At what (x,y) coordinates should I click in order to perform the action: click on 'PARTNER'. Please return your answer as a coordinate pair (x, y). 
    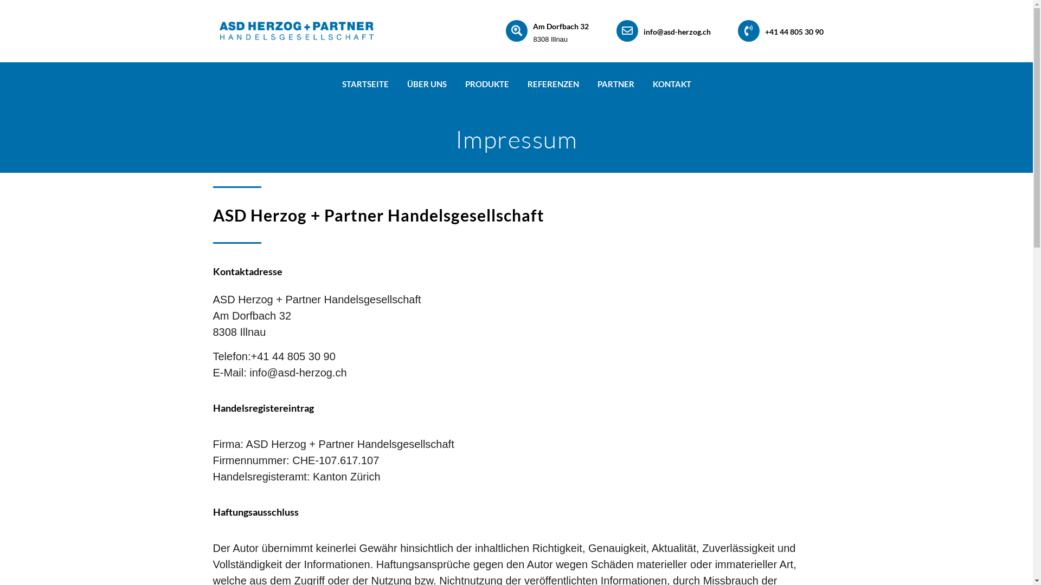
    Looking at the image, I should click on (587, 83).